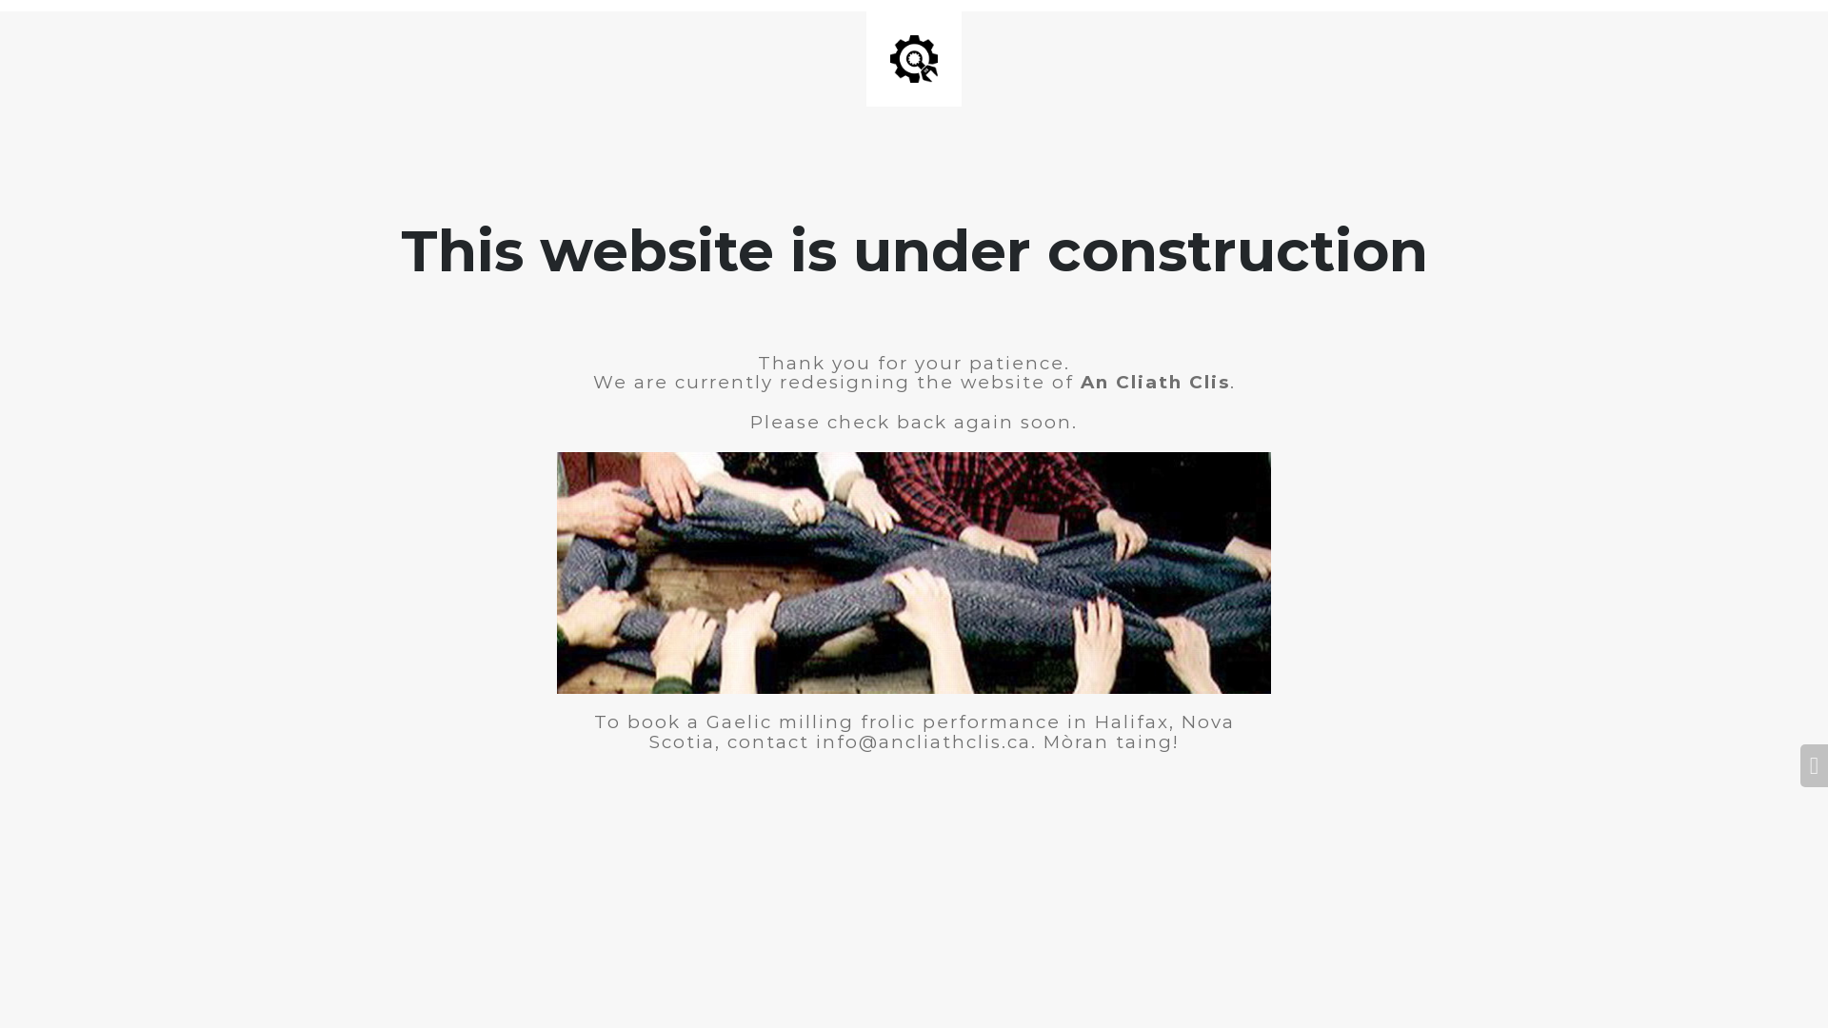  What do you see at coordinates (914, 57) in the screenshot?
I see `'Site is Under Construction'` at bounding box center [914, 57].